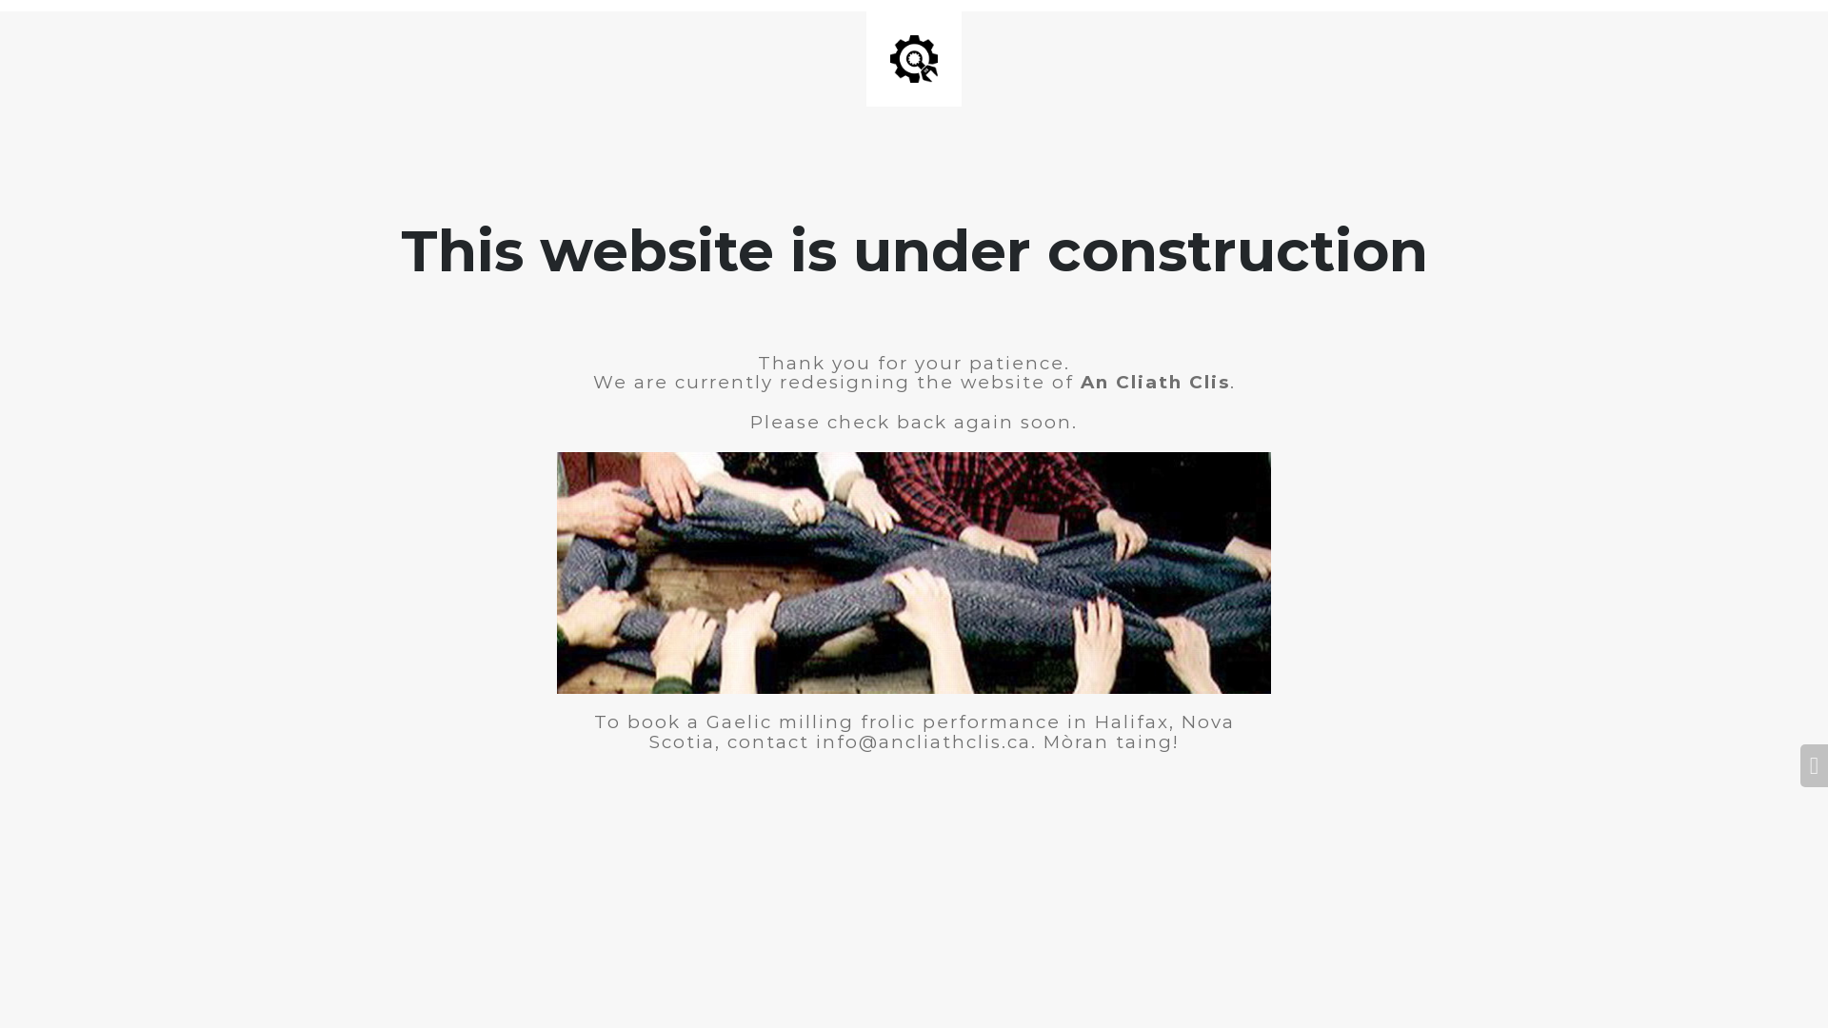  What do you see at coordinates (914, 57) in the screenshot?
I see `'Site is Under Construction'` at bounding box center [914, 57].